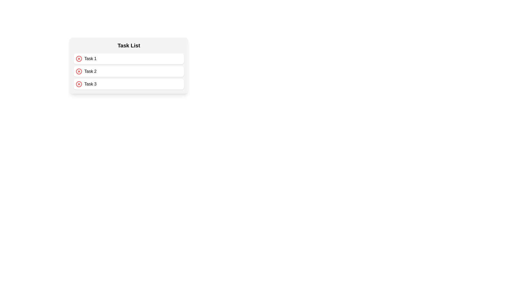 This screenshot has width=509, height=286. What do you see at coordinates (129, 84) in the screenshot?
I see `the third task item in the task list, labeled 'Task 3'` at bounding box center [129, 84].